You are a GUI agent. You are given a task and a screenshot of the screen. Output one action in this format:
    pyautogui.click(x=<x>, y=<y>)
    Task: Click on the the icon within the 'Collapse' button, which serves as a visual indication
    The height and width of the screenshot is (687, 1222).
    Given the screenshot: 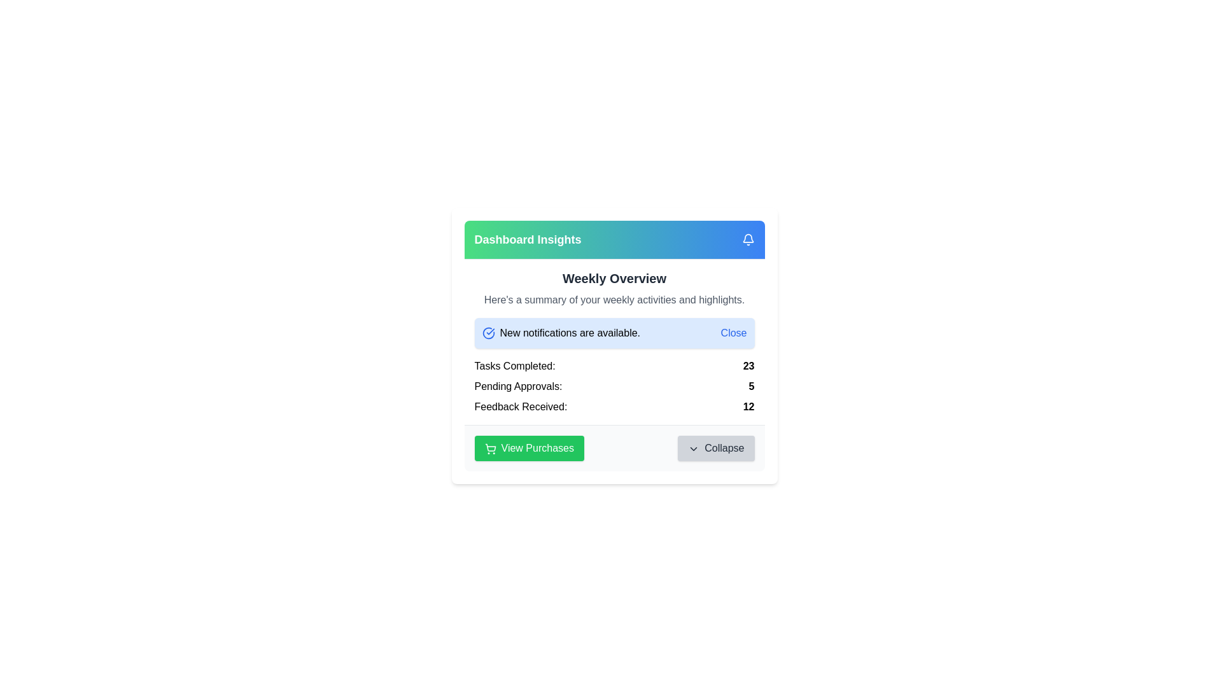 What is the action you would take?
    pyautogui.click(x=693, y=448)
    